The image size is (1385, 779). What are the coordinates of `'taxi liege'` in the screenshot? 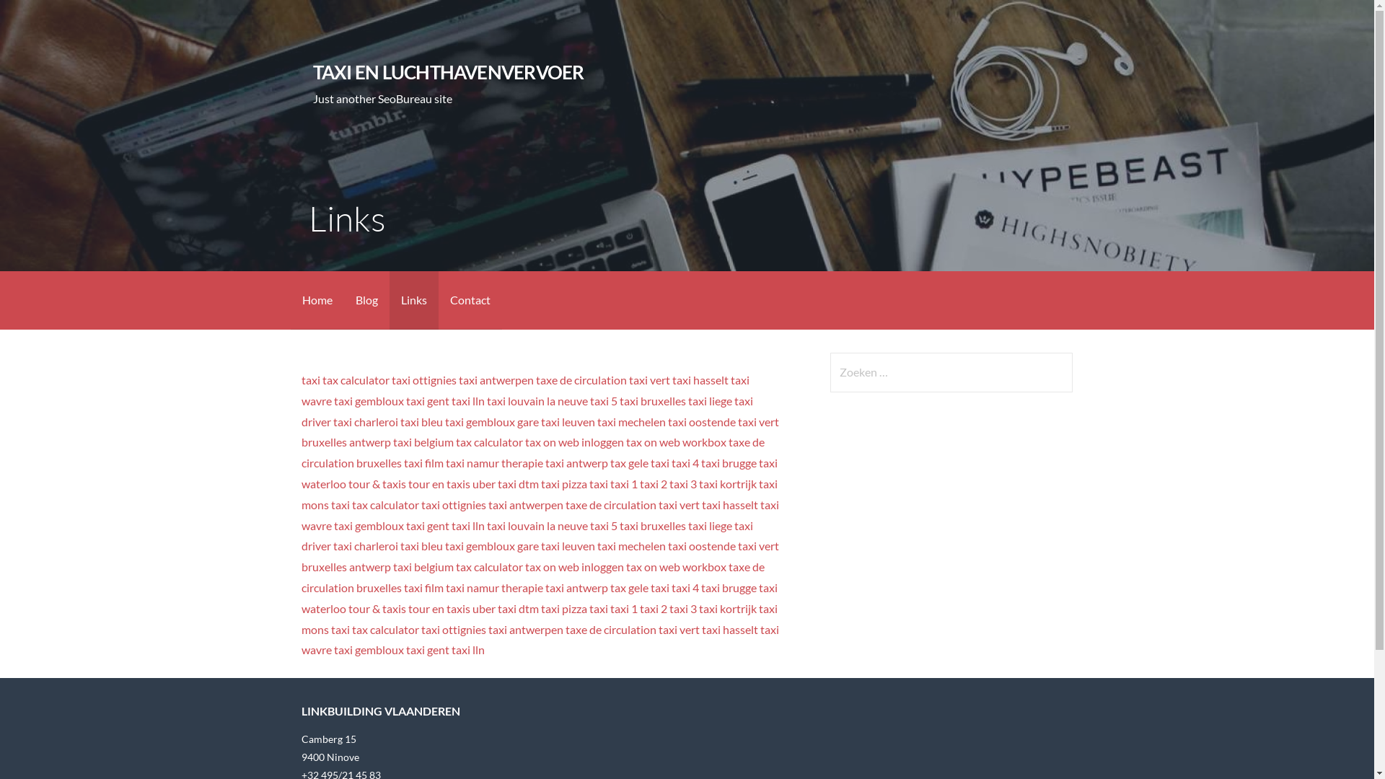 It's located at (710, 400).